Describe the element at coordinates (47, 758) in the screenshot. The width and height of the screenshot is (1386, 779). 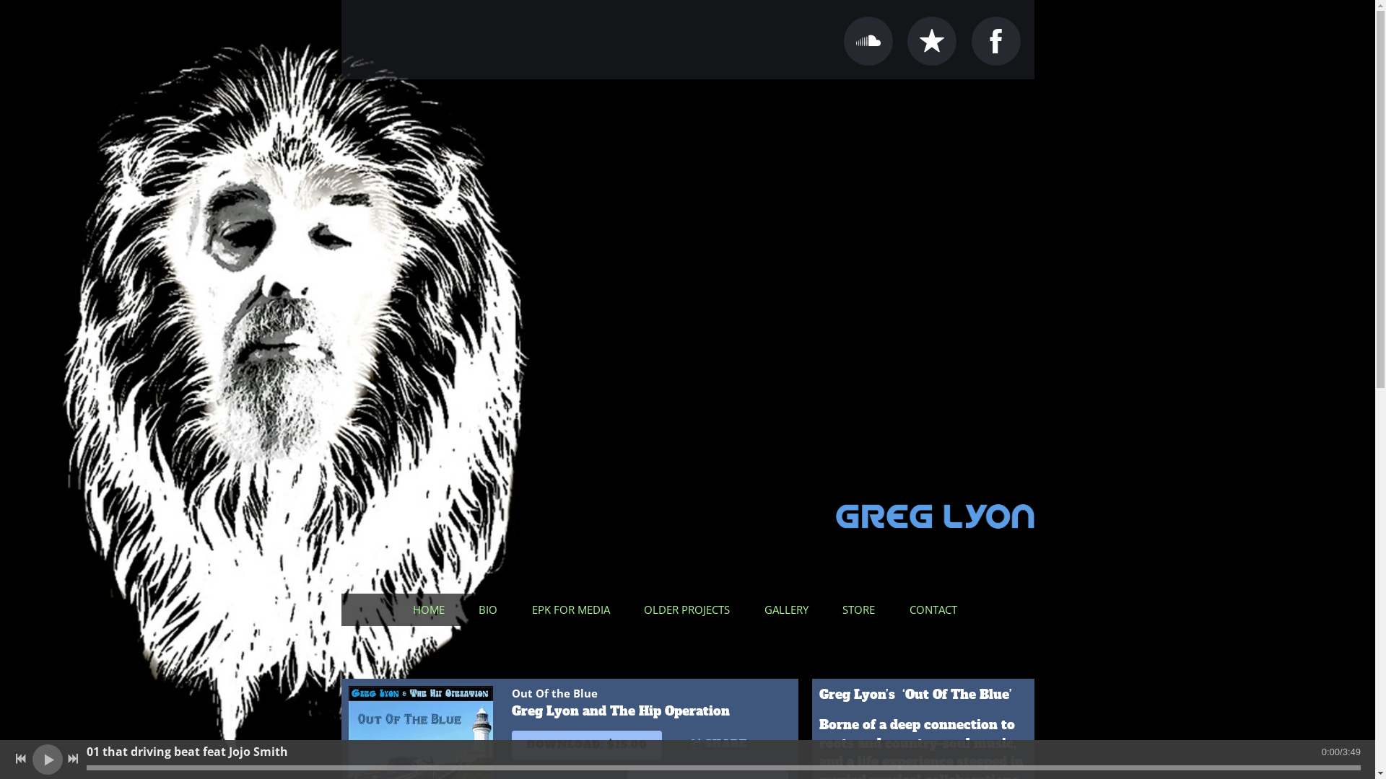
I see `'Play'` at that location.